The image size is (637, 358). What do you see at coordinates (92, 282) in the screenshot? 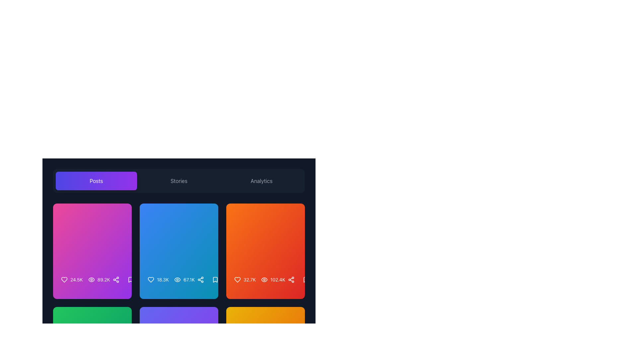
I see `the eye icon in the horizontal list of engagement metrics` at bounding box center [92, 282].